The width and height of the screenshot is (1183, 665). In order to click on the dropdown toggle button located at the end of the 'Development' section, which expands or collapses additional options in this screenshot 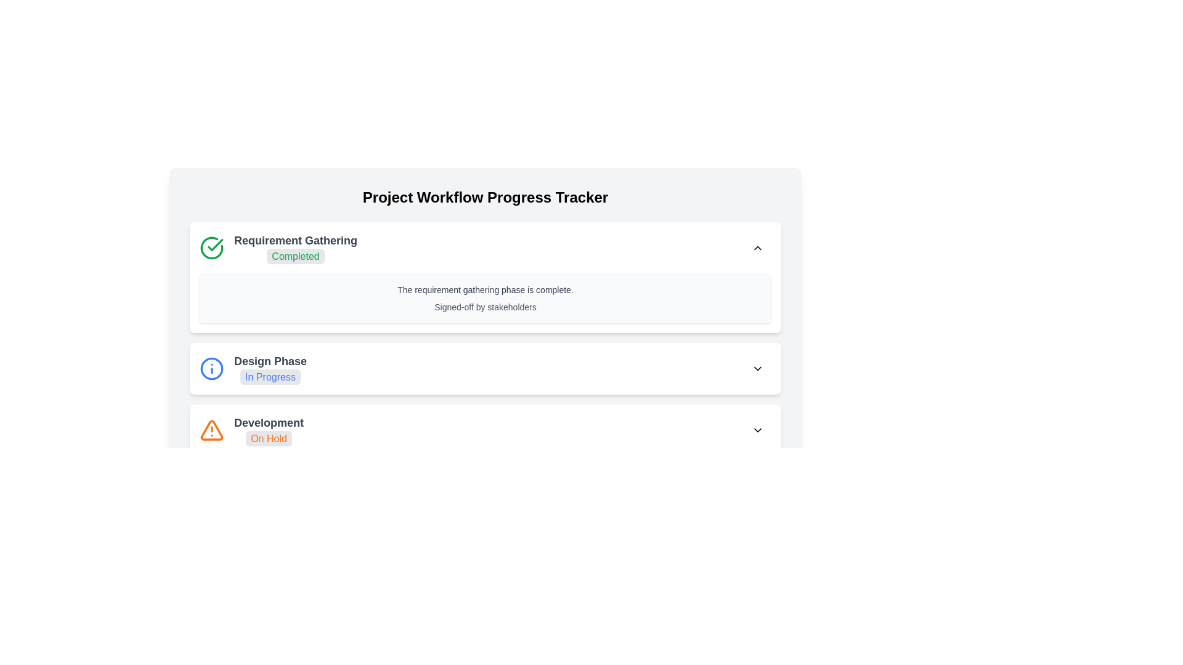, I will do `click(757, 429)`.